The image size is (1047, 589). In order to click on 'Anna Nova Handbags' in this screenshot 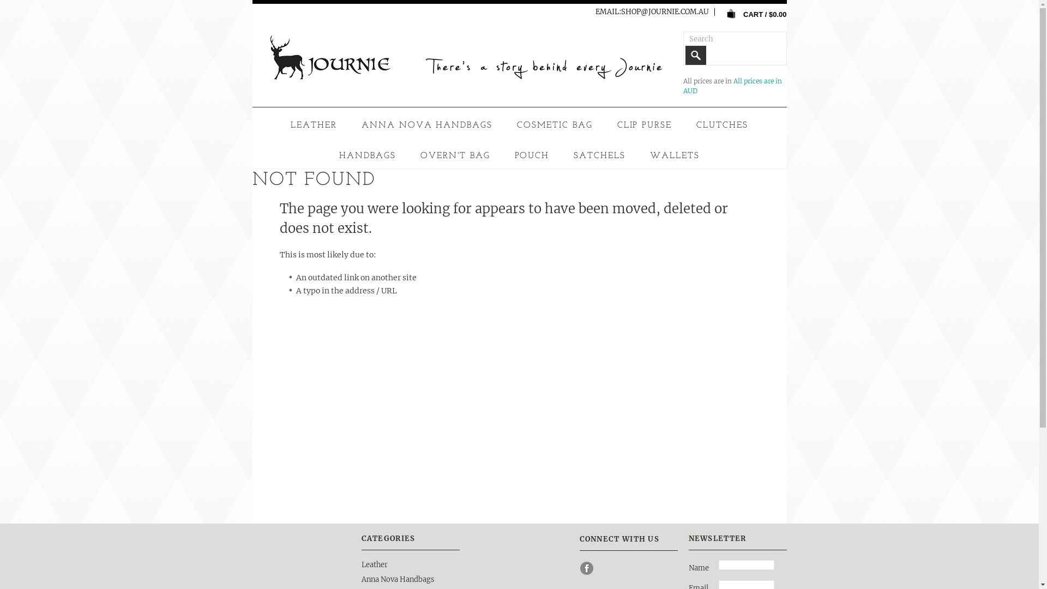, I will do `click(396, 579)`.